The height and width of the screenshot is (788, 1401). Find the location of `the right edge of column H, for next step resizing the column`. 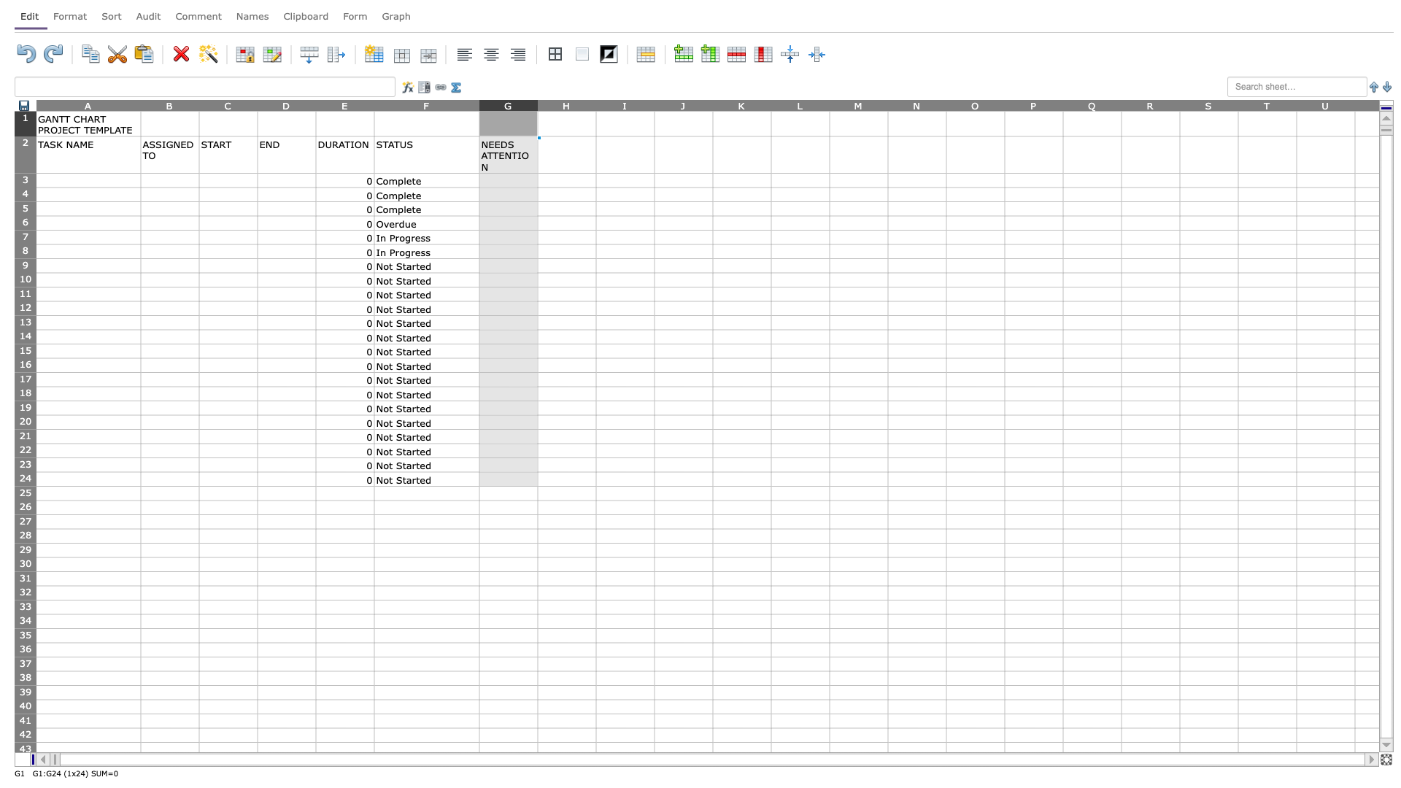

the right edge of column H, for next step resizing the column is located at coordinates (595, 104).